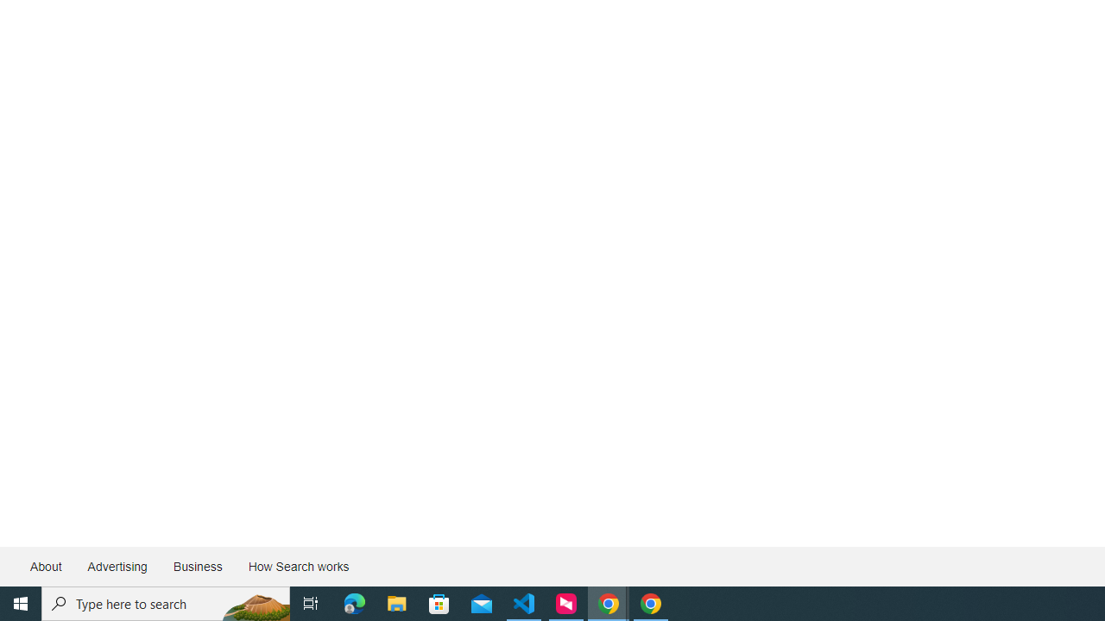 The height and width of the screenshot is (621, 1105). Describe the element at coordinates (116, 567) in the screenshot. I see `'Advertising'` at that location.